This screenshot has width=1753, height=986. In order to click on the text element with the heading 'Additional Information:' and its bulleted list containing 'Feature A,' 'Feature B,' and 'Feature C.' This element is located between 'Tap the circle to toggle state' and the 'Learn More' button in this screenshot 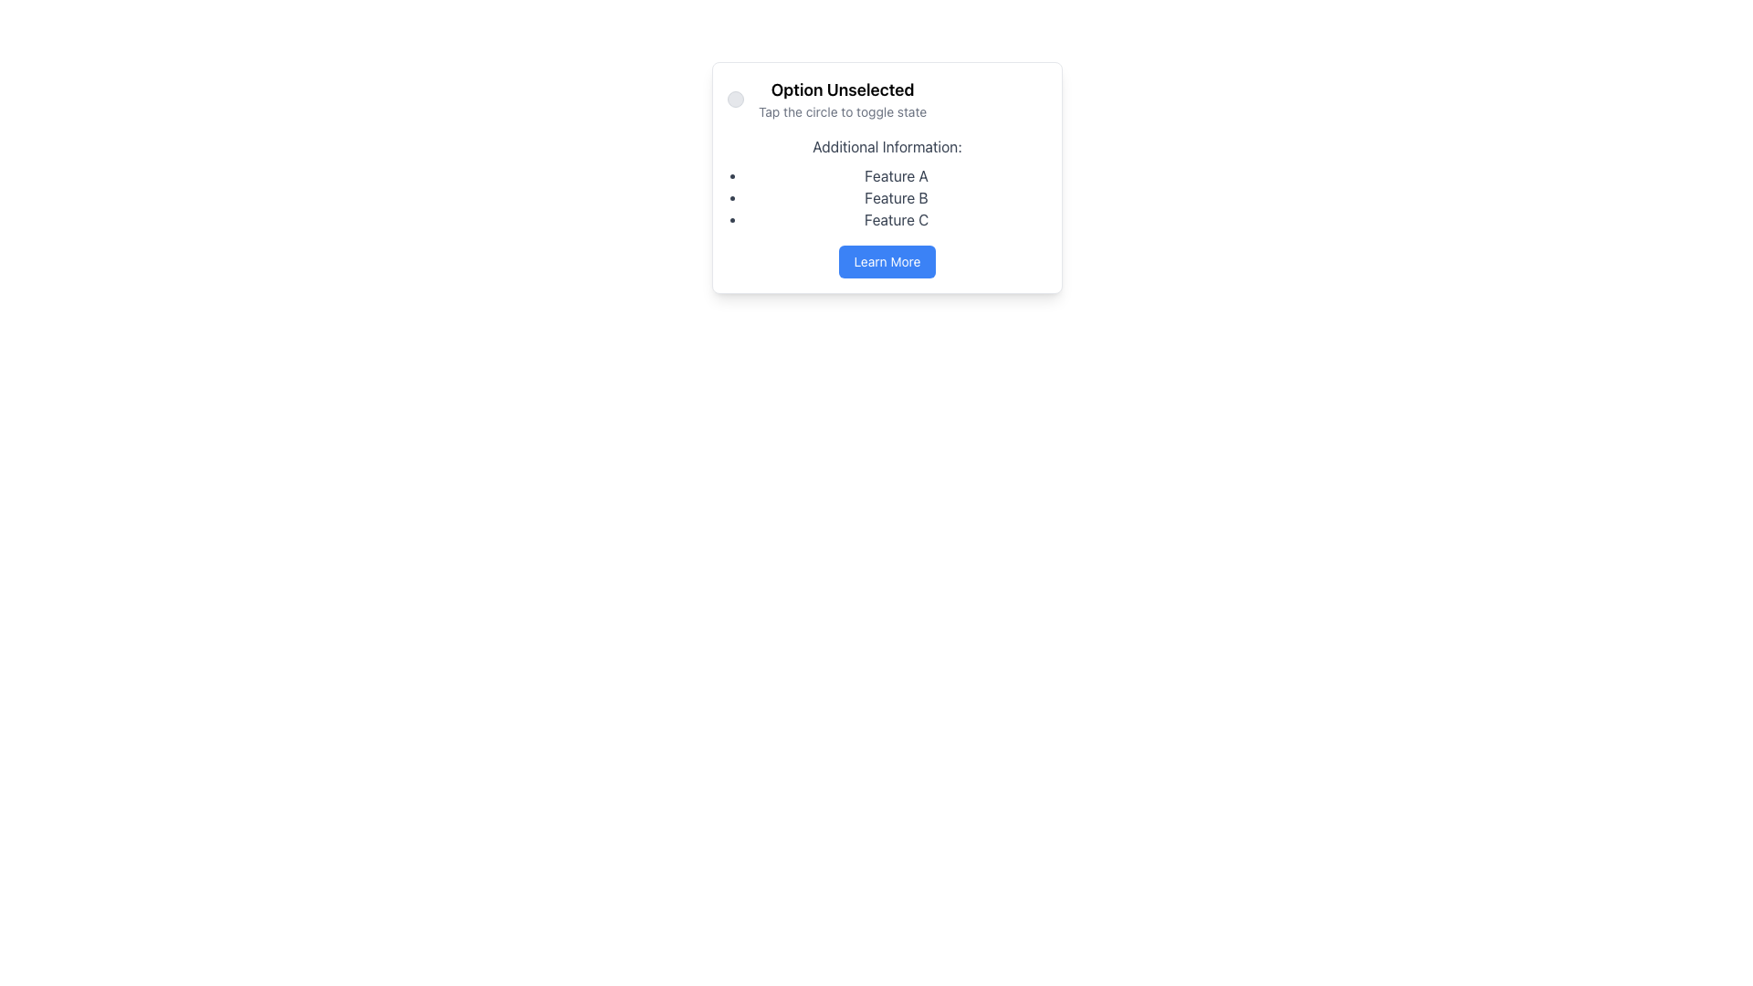, I will do `click(887, 183)`.